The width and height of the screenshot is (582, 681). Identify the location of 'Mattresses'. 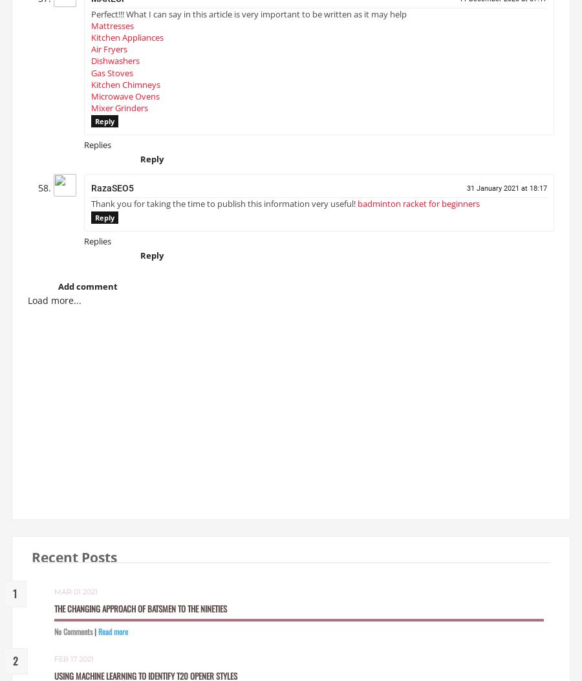
(112, 30).